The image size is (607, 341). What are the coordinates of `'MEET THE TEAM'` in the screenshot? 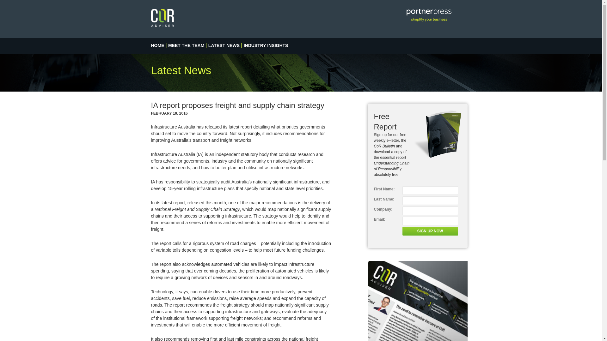 It's located at (186, 45).